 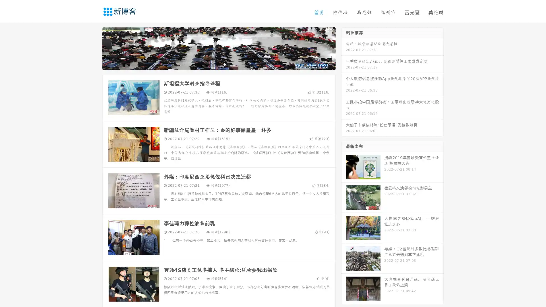 I want to click on Next slide, so click(x=344, y=48).